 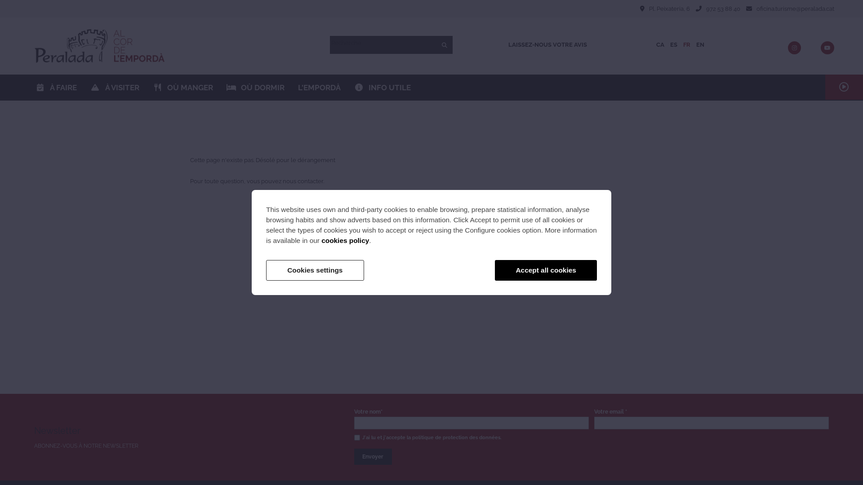 I want to click on 'INFO UTILE', so click(x=347, y=88).